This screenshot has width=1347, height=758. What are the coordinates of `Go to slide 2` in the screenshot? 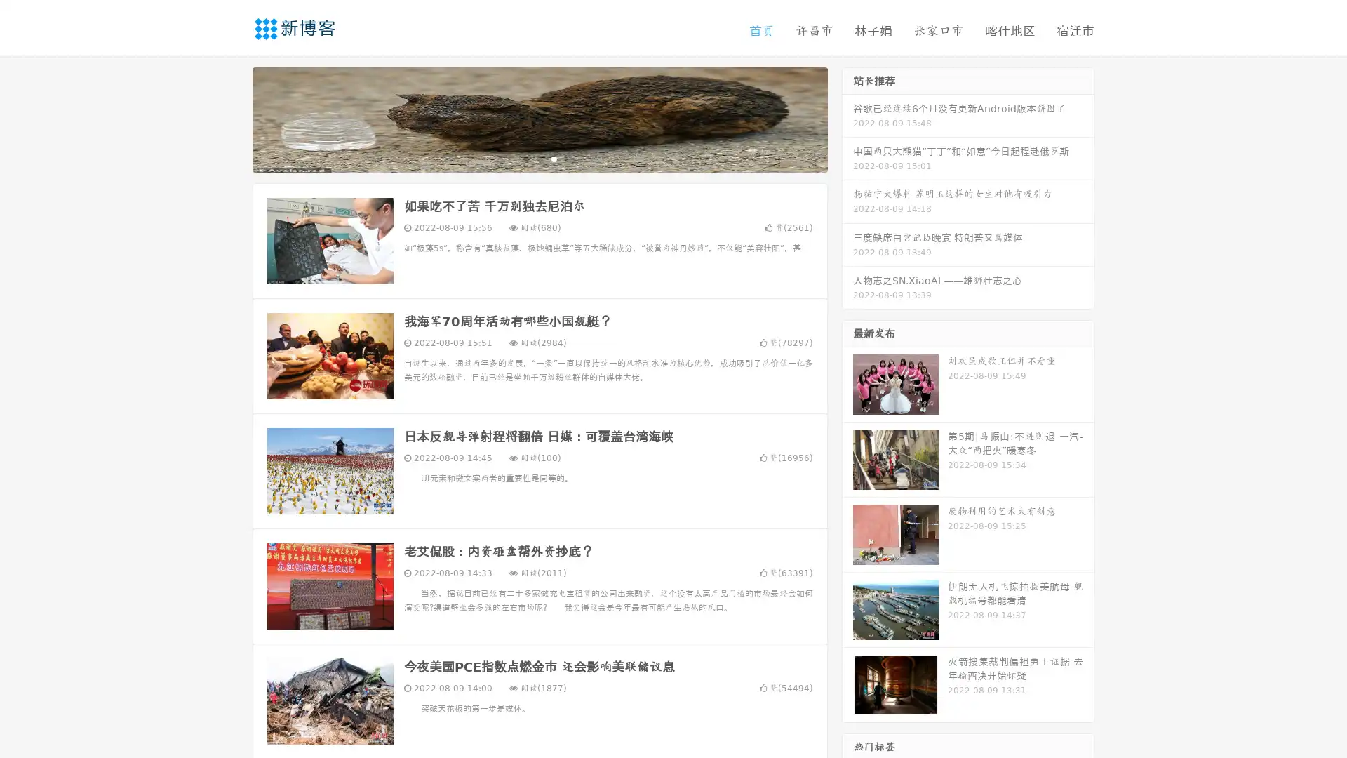 It's located at (539, 158).